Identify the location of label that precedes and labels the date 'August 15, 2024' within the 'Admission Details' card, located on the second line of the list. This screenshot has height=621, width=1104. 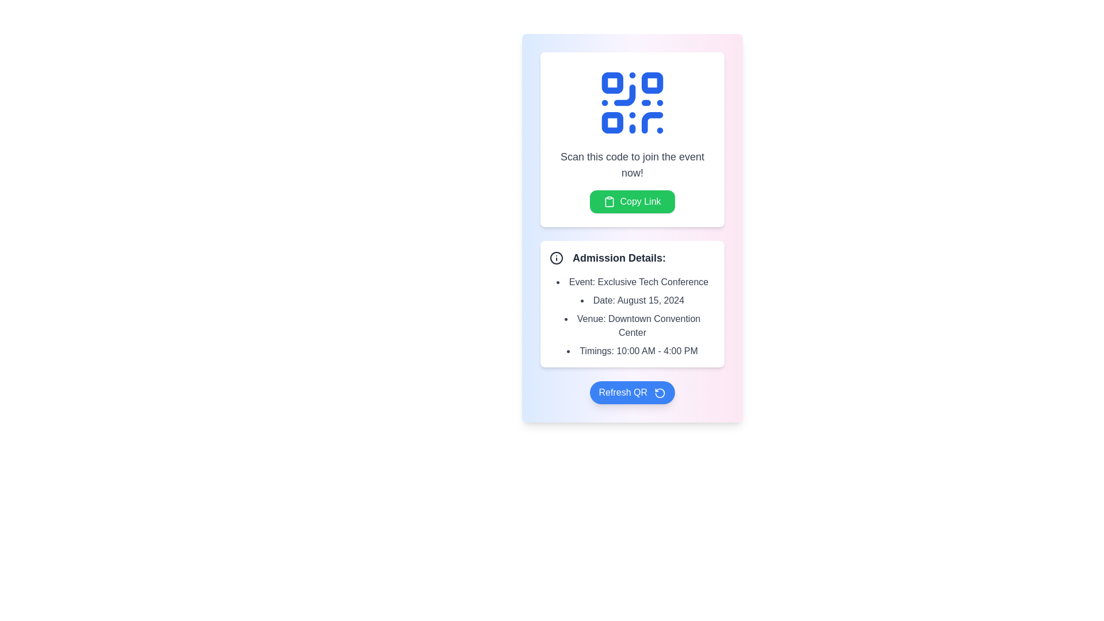
(604, 300).